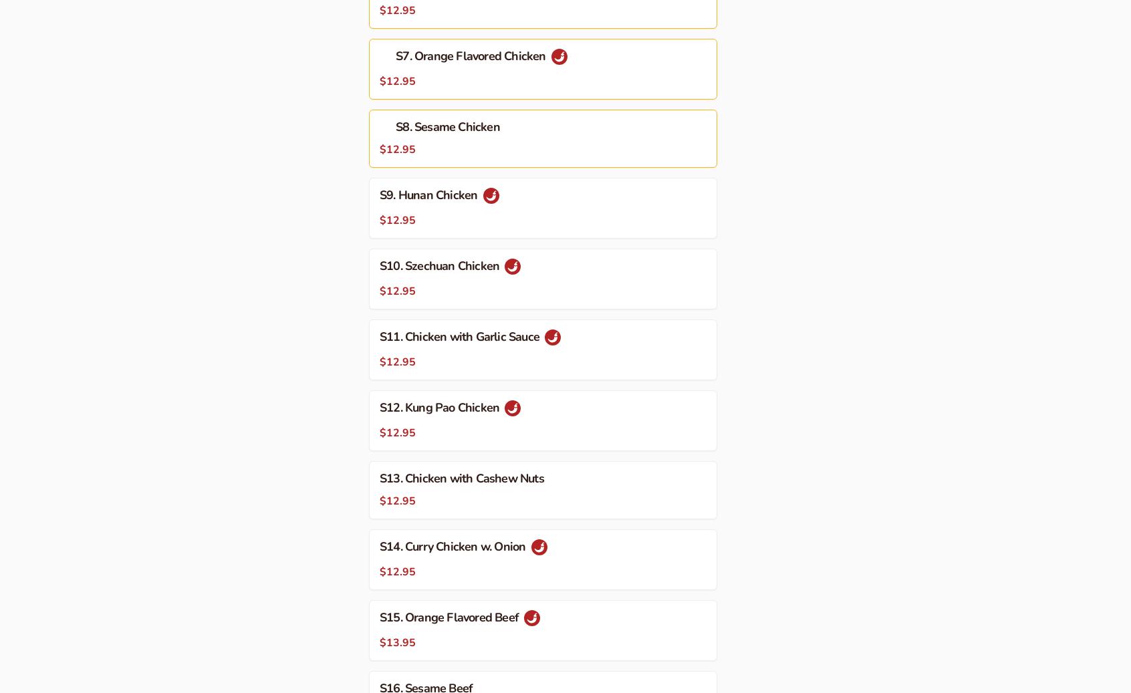 This screenshot has width=1131, height=693. I want to click on 'S10. Szechuan Chicken', so click(379, 264).